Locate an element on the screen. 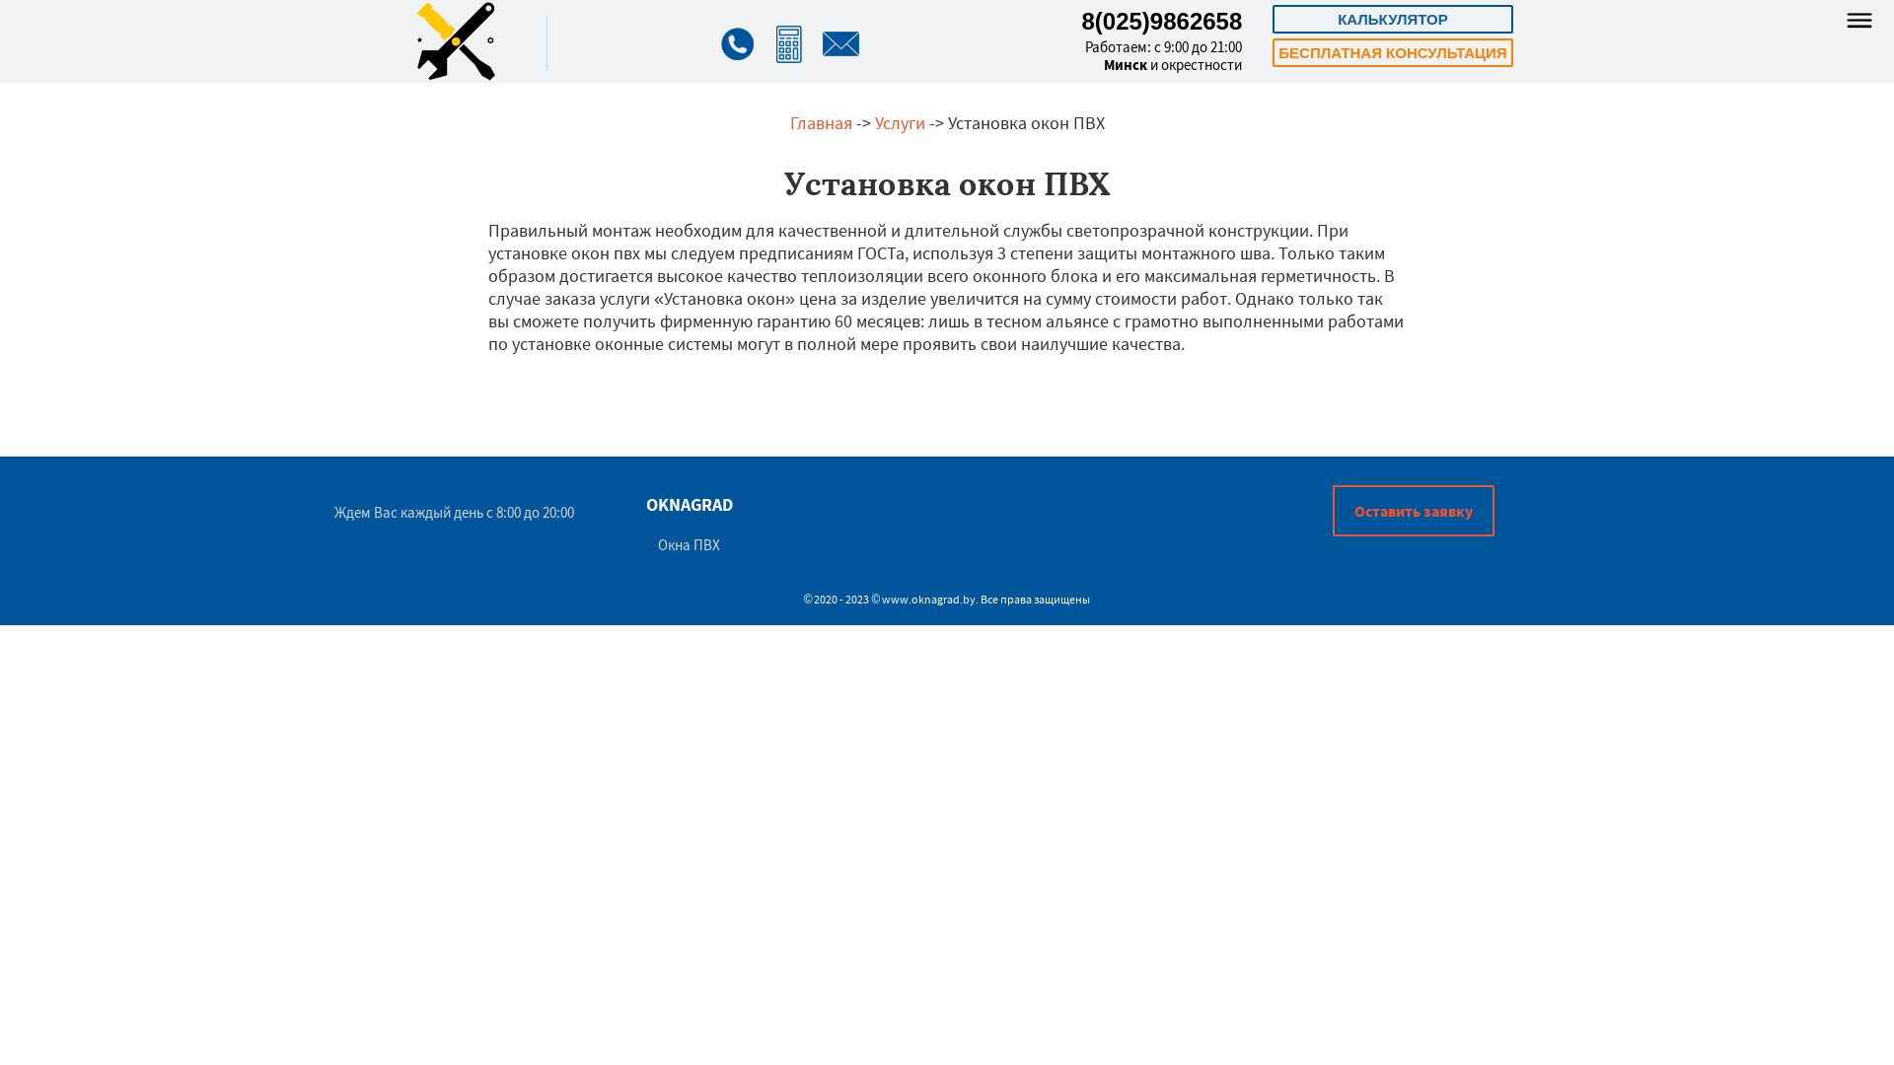 The height and width of the screenshot is (1065, 1894). '8(025)9862658' is located at coordinates (1161, 21).